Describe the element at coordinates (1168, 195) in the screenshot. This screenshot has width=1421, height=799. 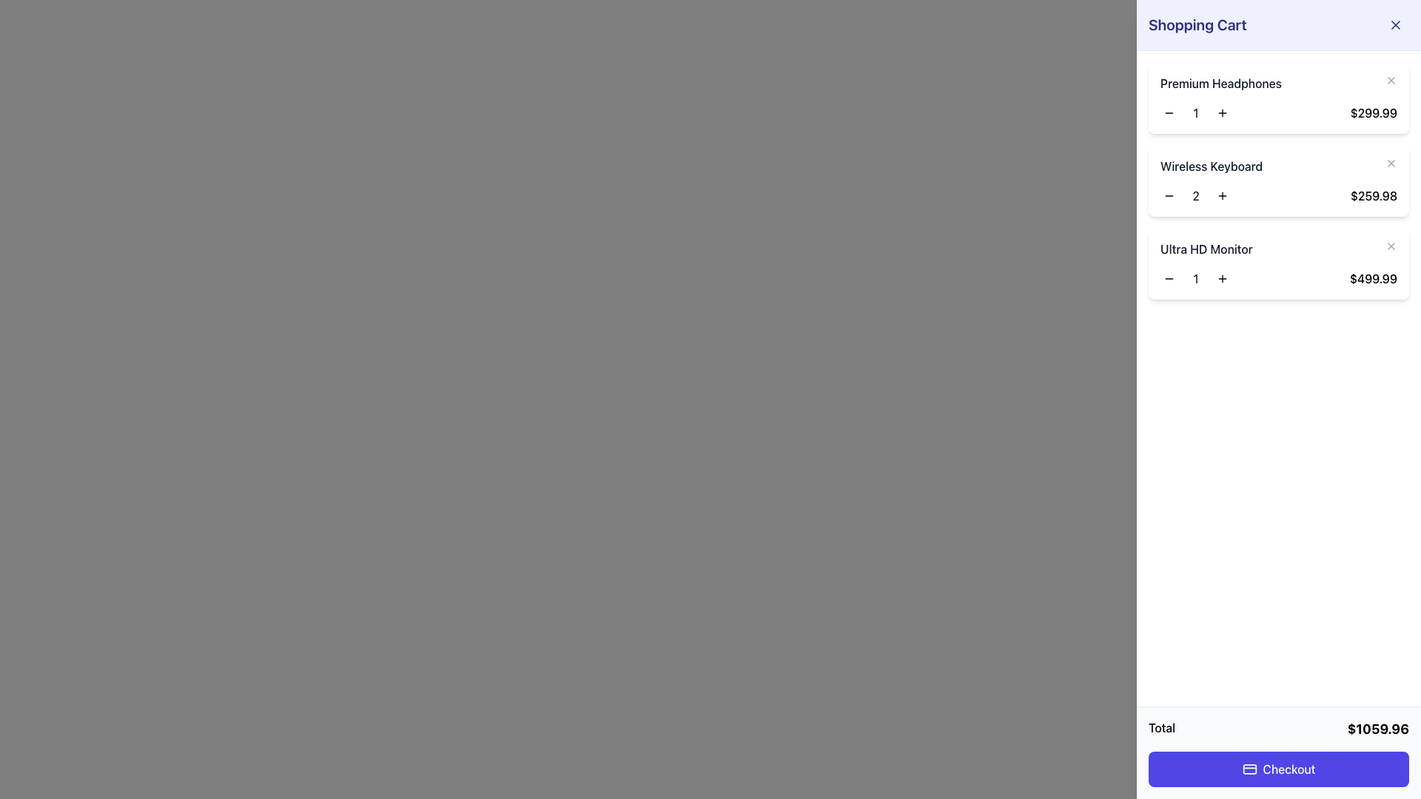
I see `the small circular decrement button with a minus icon located to the left of the digit '2' for the 'Wireless Keyboard' in the shopping cart interface` at that location.